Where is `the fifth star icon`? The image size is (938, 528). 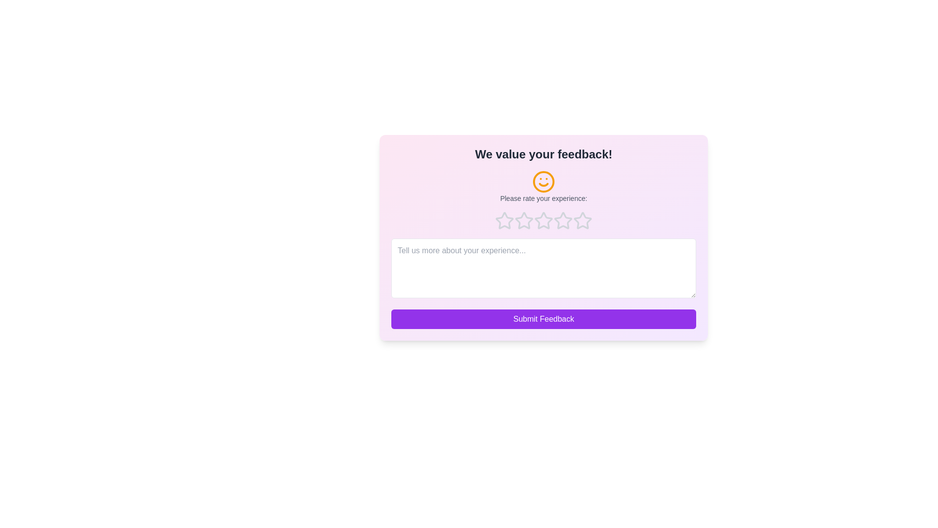 the fifth star icon is located at coordinates (583, 220).